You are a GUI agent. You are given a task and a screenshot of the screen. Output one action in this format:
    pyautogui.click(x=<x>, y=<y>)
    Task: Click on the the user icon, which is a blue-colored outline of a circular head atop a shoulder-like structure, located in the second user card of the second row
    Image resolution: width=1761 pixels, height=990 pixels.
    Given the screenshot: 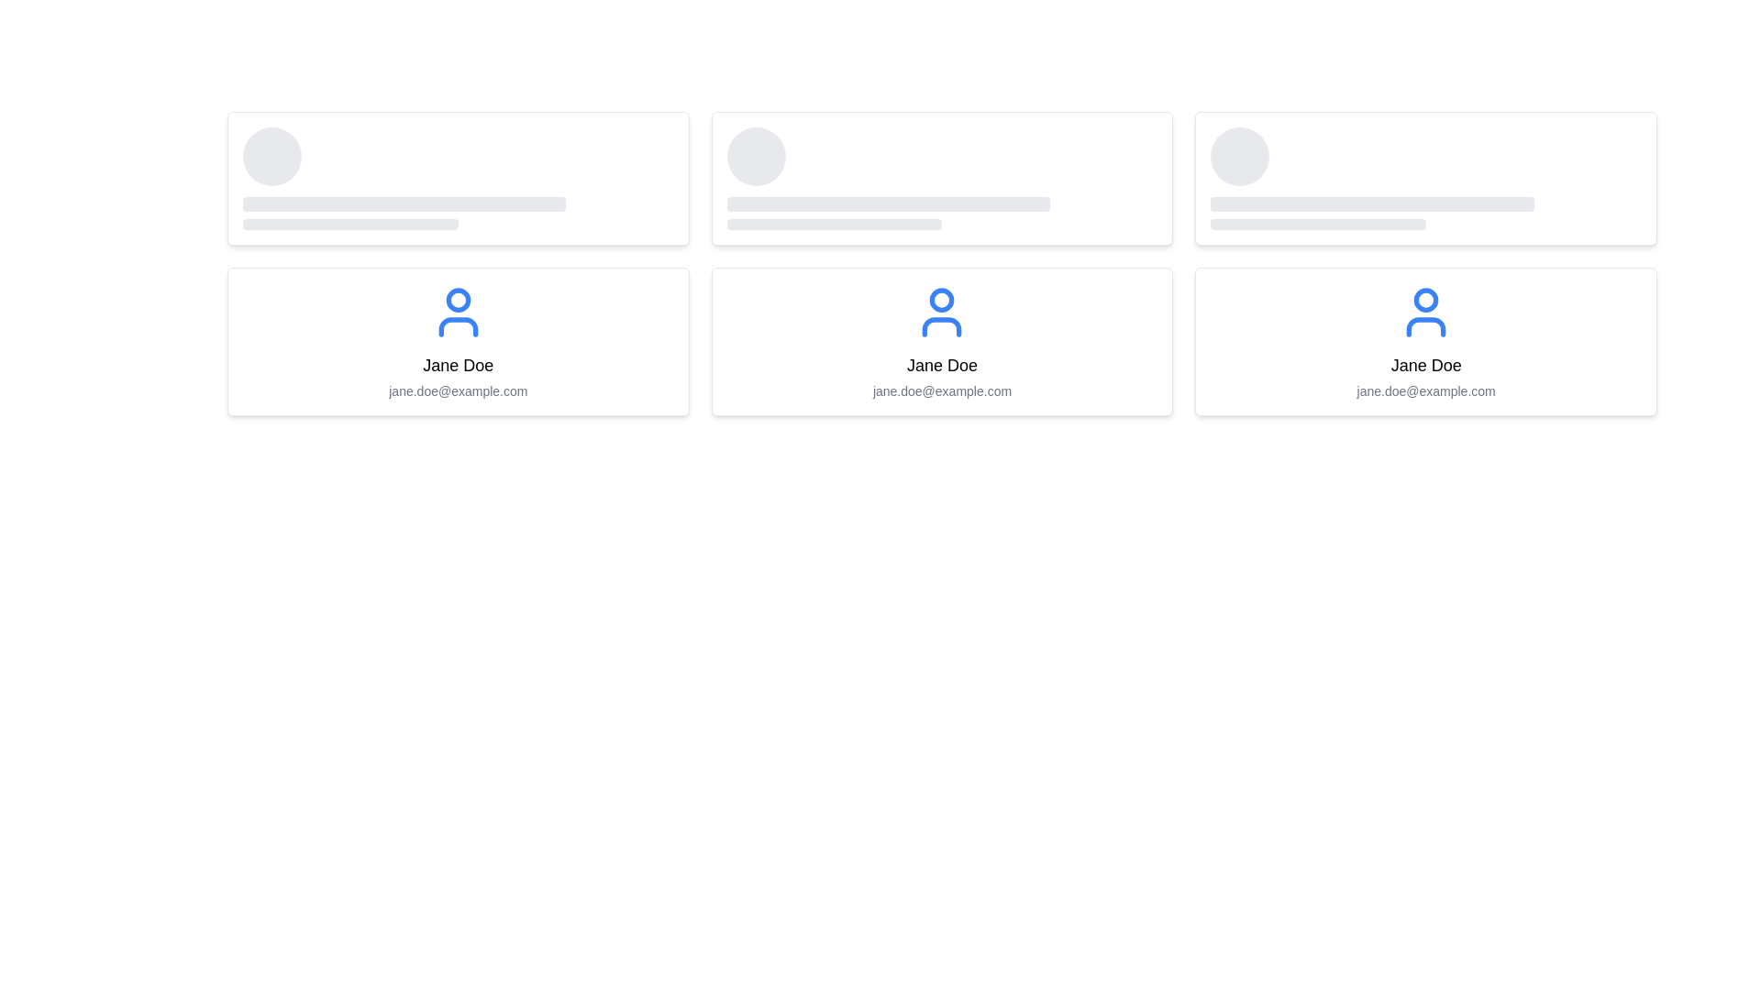 What is the action you would take?
    pyautogui.click(x=942, y=311)
    